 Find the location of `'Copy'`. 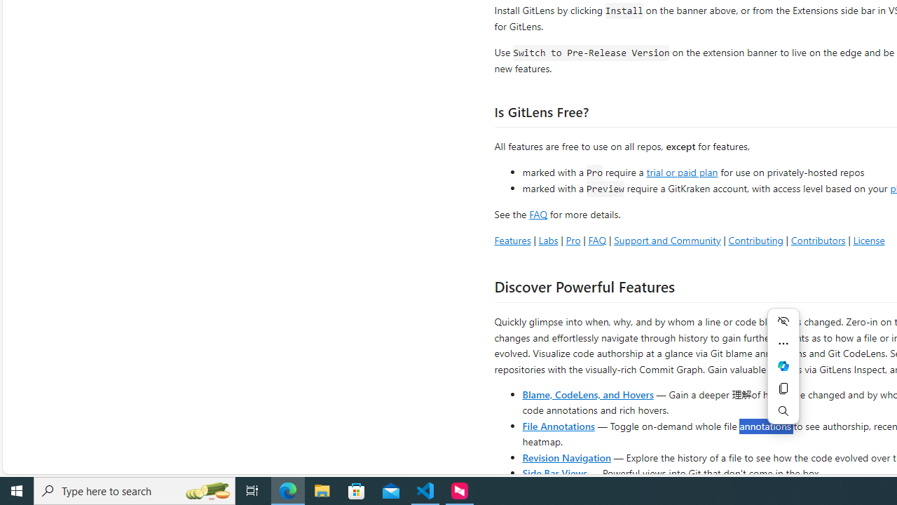

'Copy' is located at coordinates (783, 389).